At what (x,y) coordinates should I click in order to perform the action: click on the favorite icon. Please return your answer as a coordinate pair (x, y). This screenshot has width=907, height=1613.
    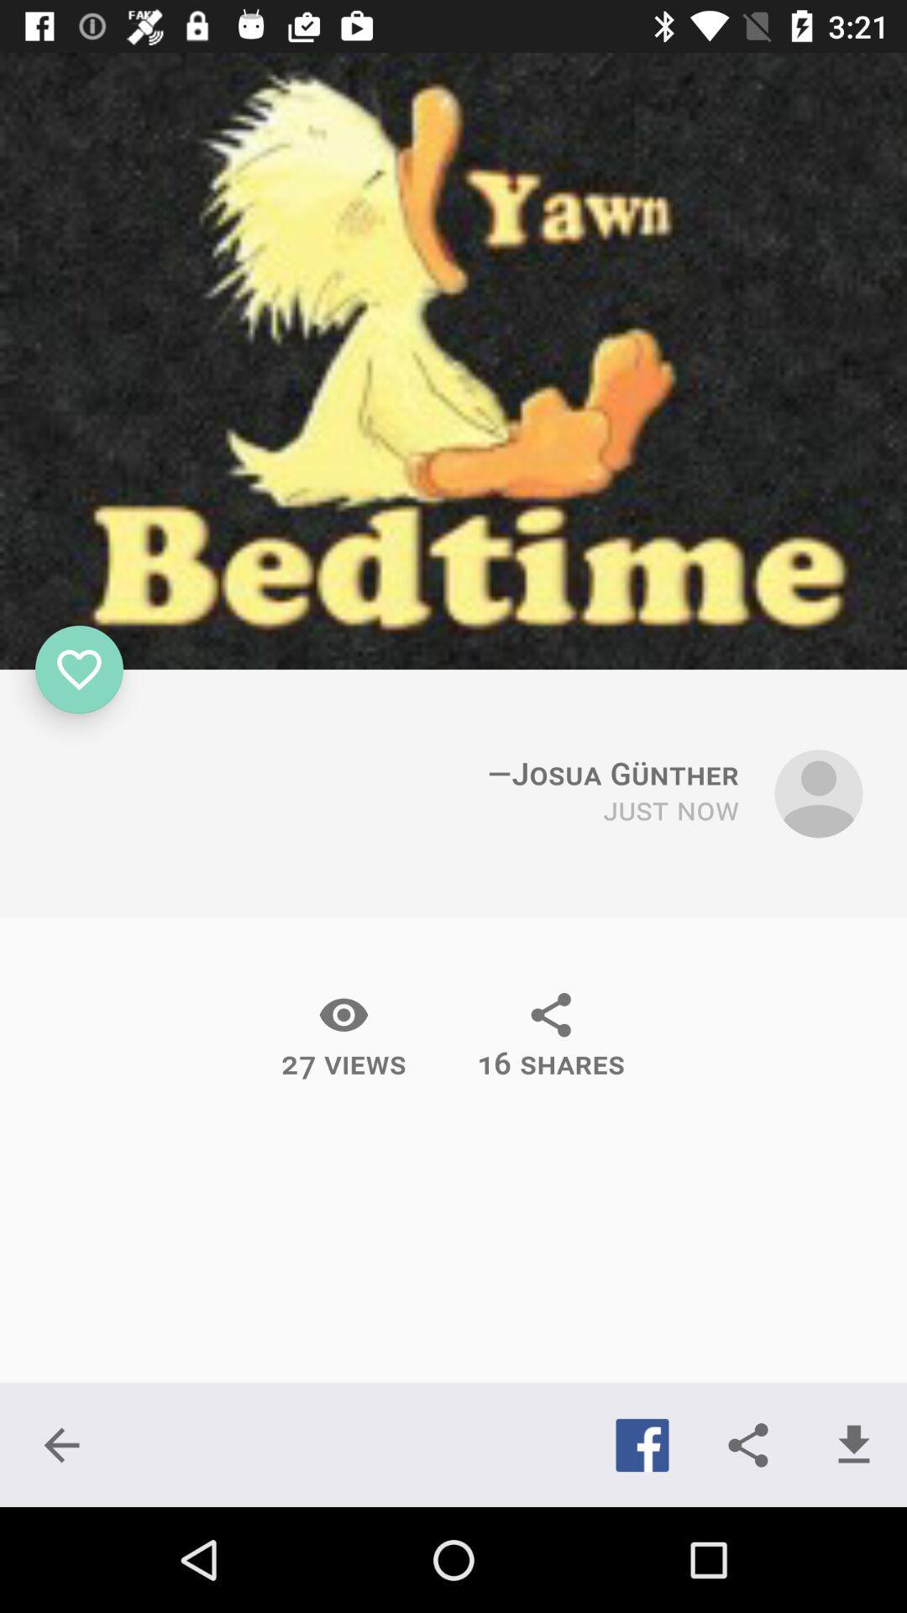
    Looking at the image, I should click on (79, 669).